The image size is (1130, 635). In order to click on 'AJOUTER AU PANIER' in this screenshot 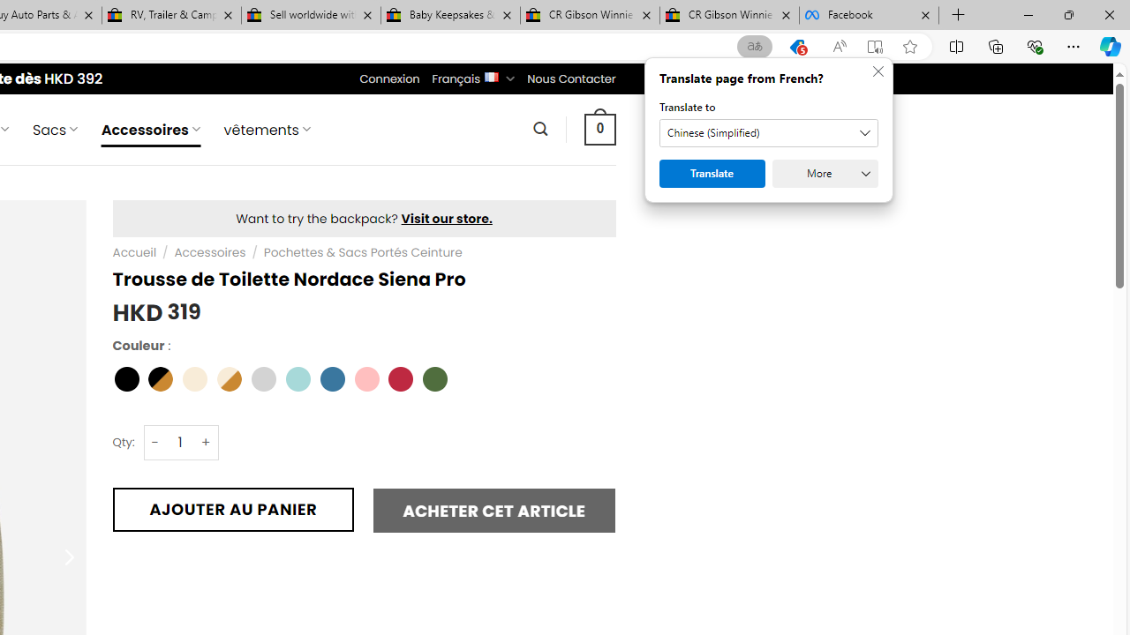, I will do `click(232, 509)`.